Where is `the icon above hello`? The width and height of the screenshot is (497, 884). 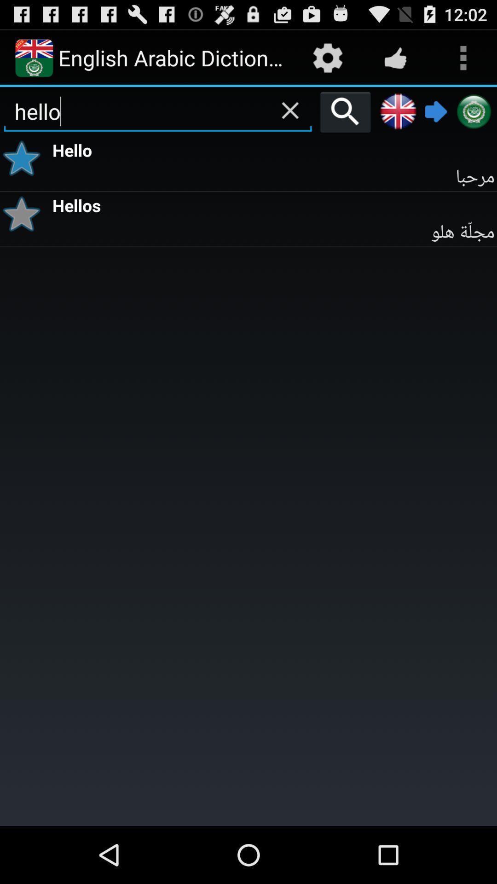
the icon above hello is located at coordinates (290, 110).